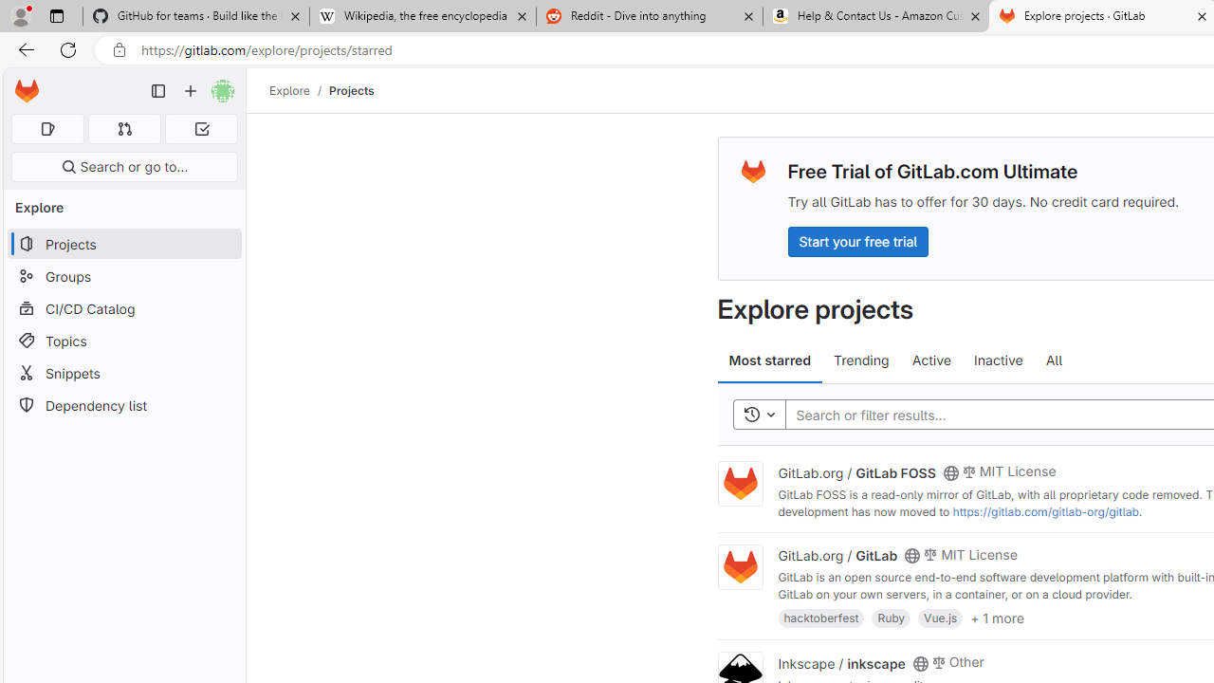 The width and height of the screenshot is (1214, 683). Describe the element at coordinates (288, 90) in the screenshot. I see `'Explore'` at that location.